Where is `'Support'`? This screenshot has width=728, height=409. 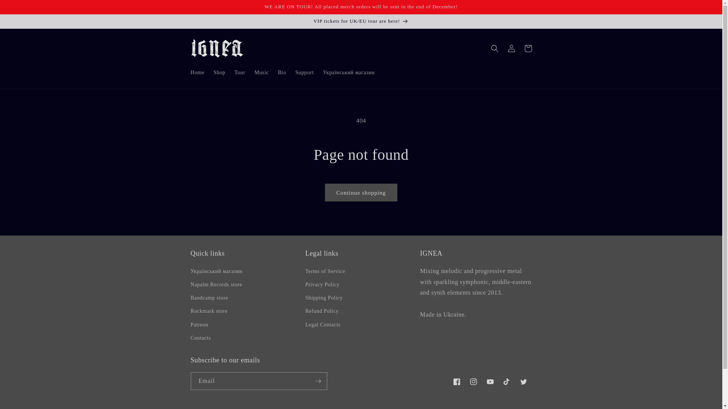 'Support' is located at coordinates (304, 73).